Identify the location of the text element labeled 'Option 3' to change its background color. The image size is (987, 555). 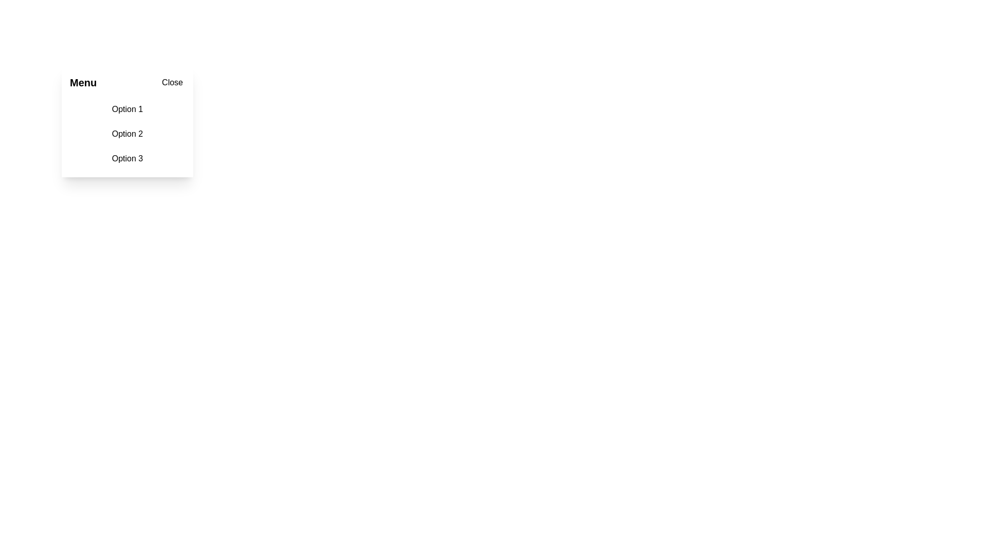
(127, 158).